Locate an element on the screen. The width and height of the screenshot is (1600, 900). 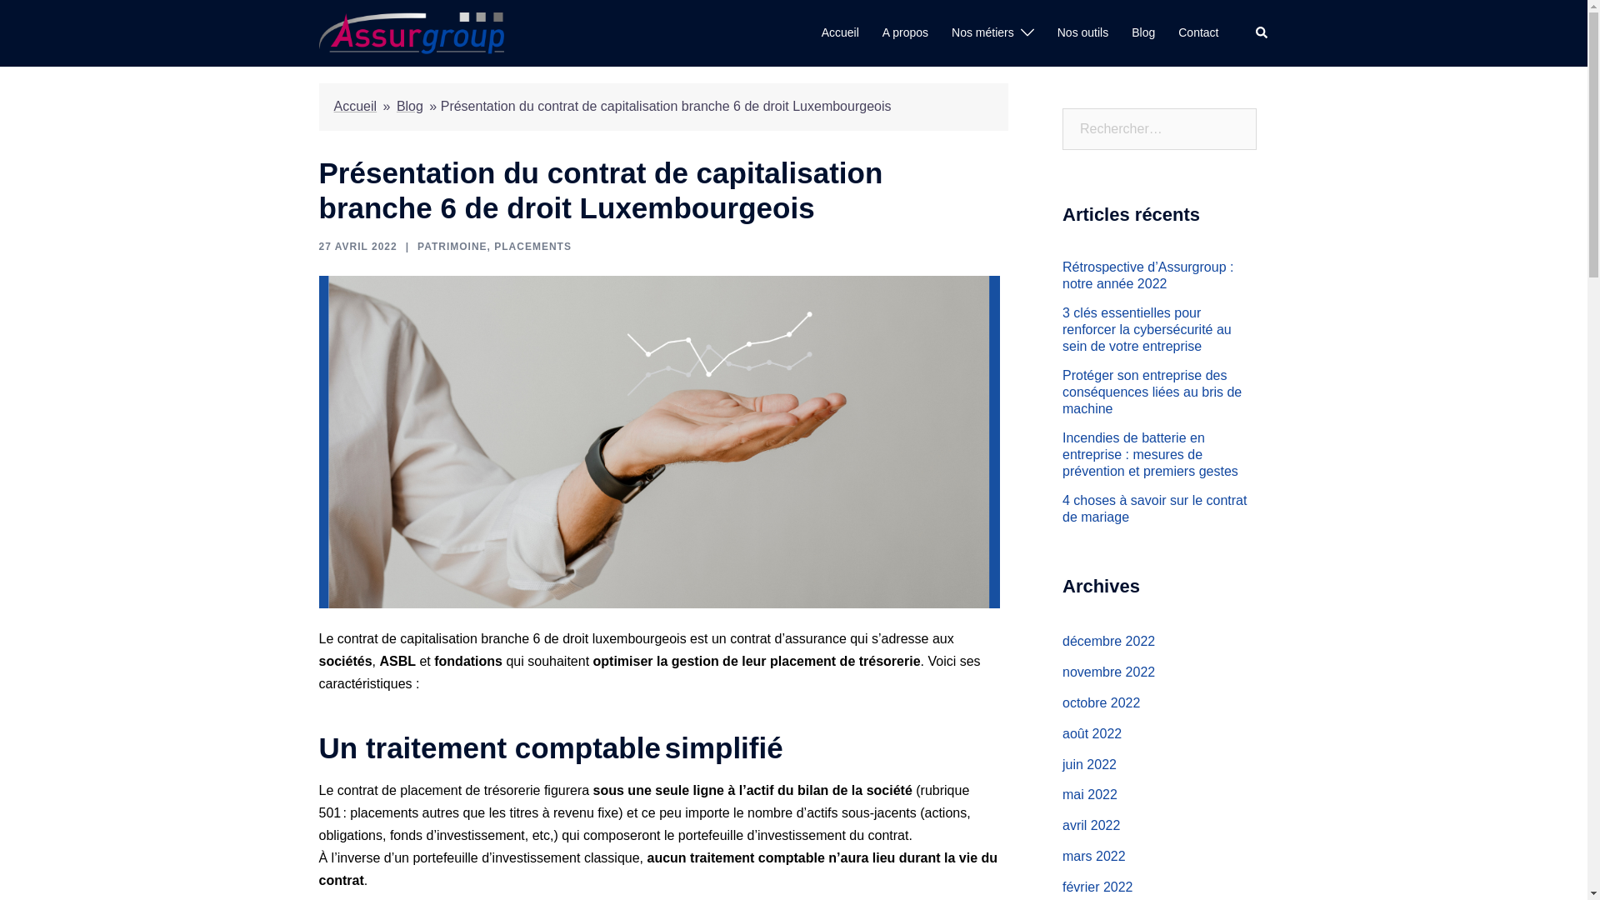
'juin 2022' is located at coordinates (1089, 763).